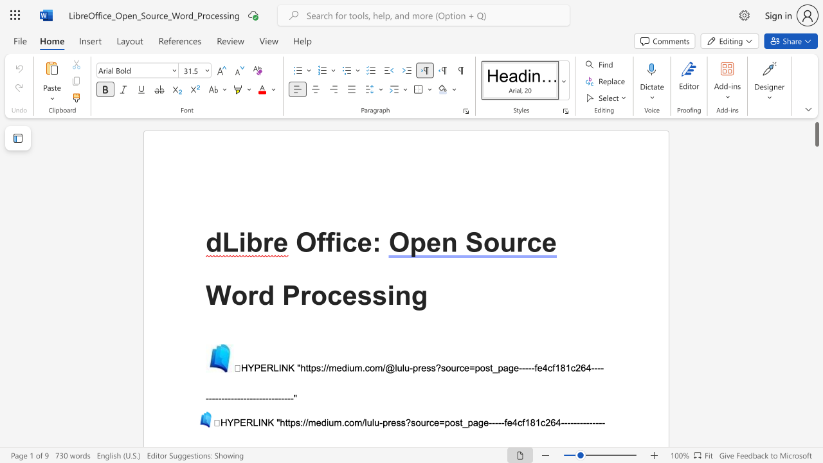  What do you see at coordinates (816, 141) in the screenshot?
I see `the scrollbar on the right` at bounding box center [816, 141].